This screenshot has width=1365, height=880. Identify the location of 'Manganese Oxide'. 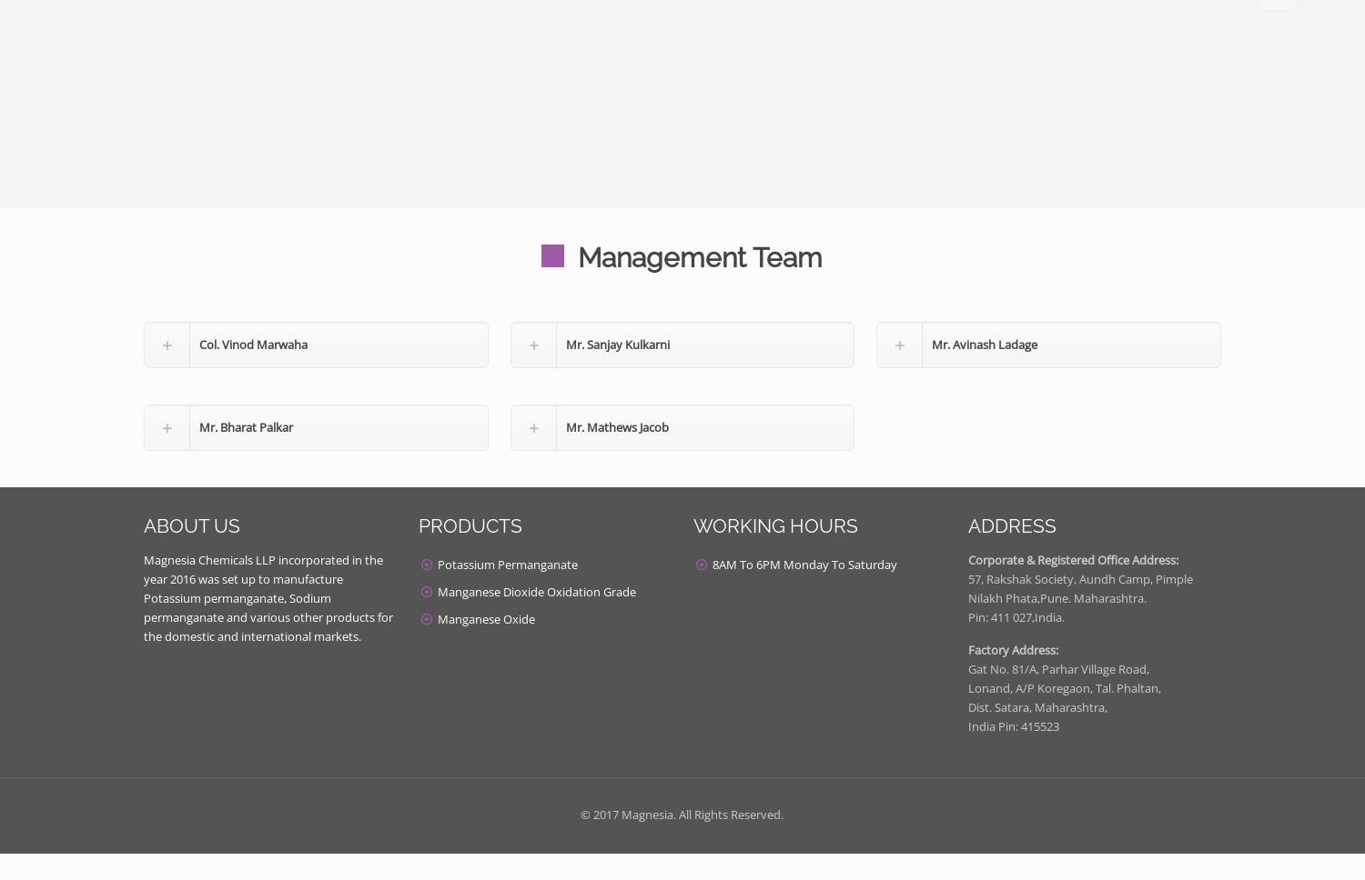
(486, 618).